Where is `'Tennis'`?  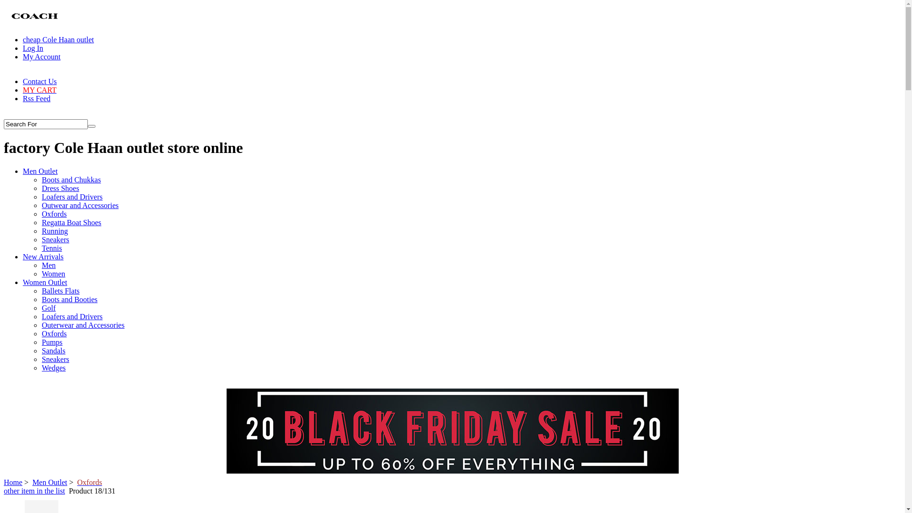 'Tennis' is located at coordinates (51, 247).